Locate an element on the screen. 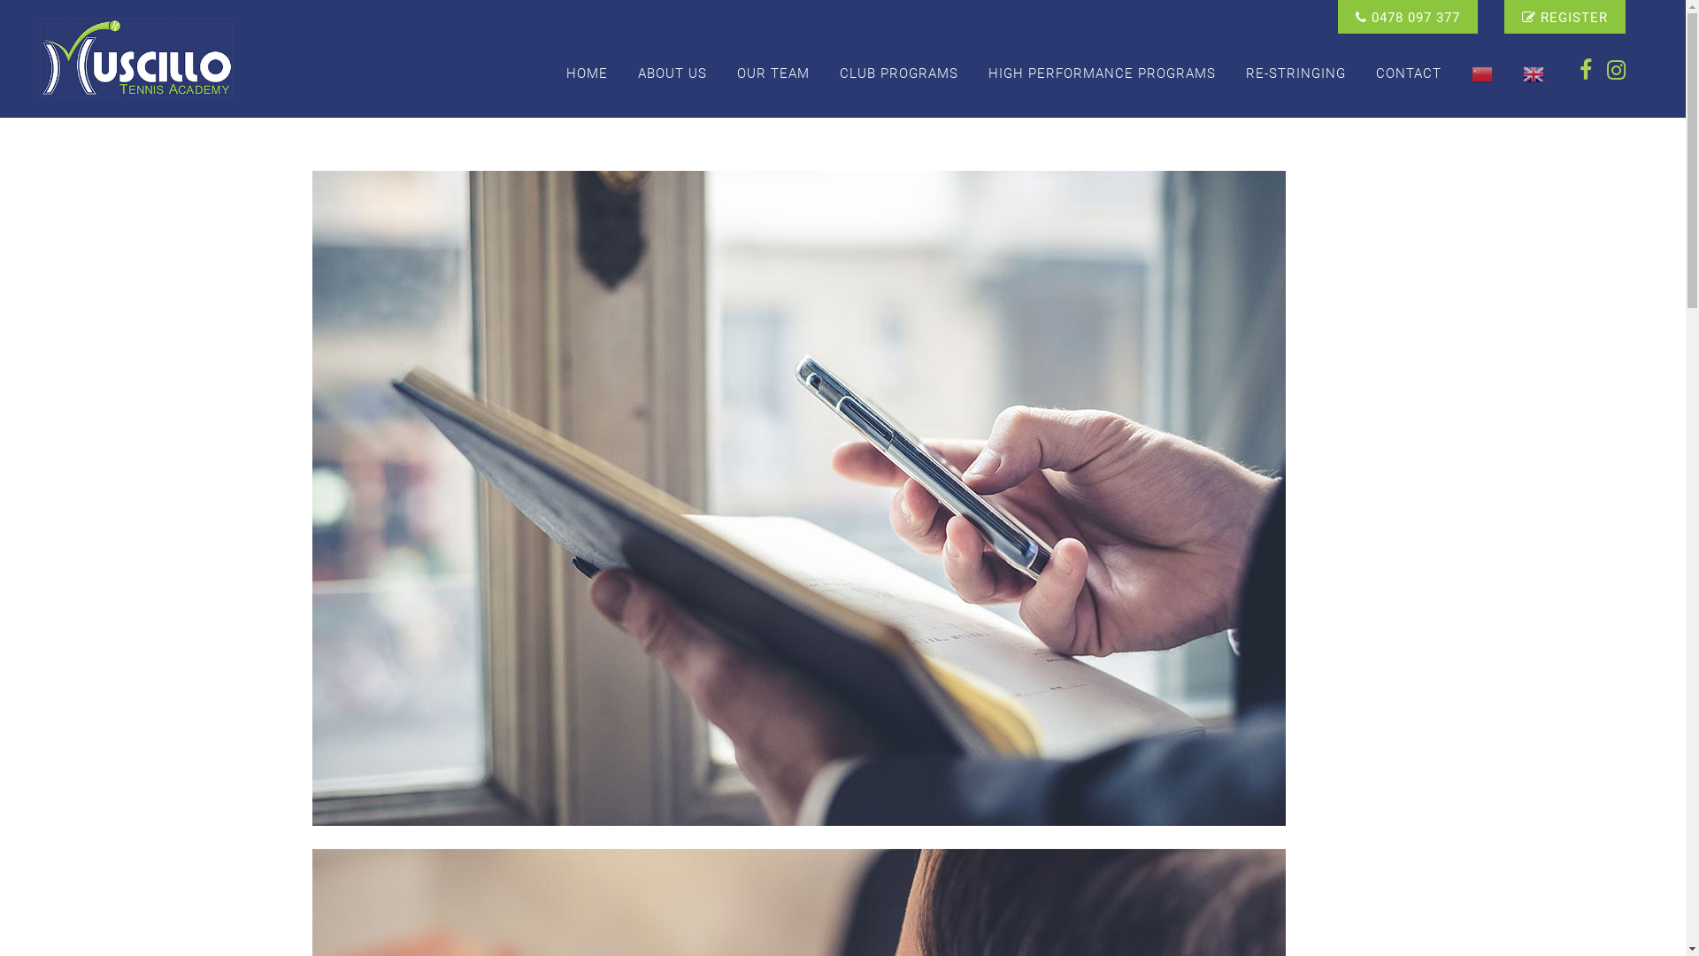 This screenshot has height=956, width=1699. 'RE-STRINGING' is located at coordinates (1295, 73).